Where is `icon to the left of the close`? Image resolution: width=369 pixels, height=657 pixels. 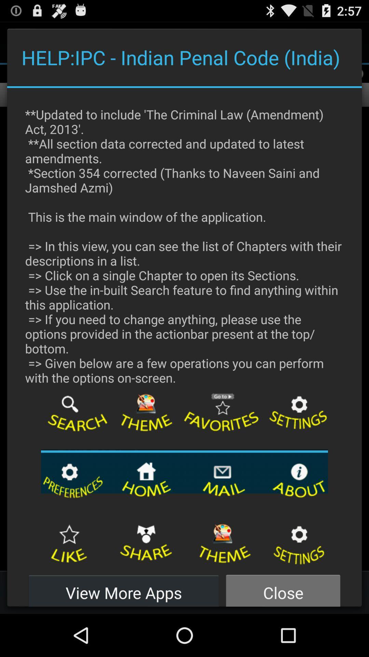 icon to the left of the close is located at coordinates (124, 589).